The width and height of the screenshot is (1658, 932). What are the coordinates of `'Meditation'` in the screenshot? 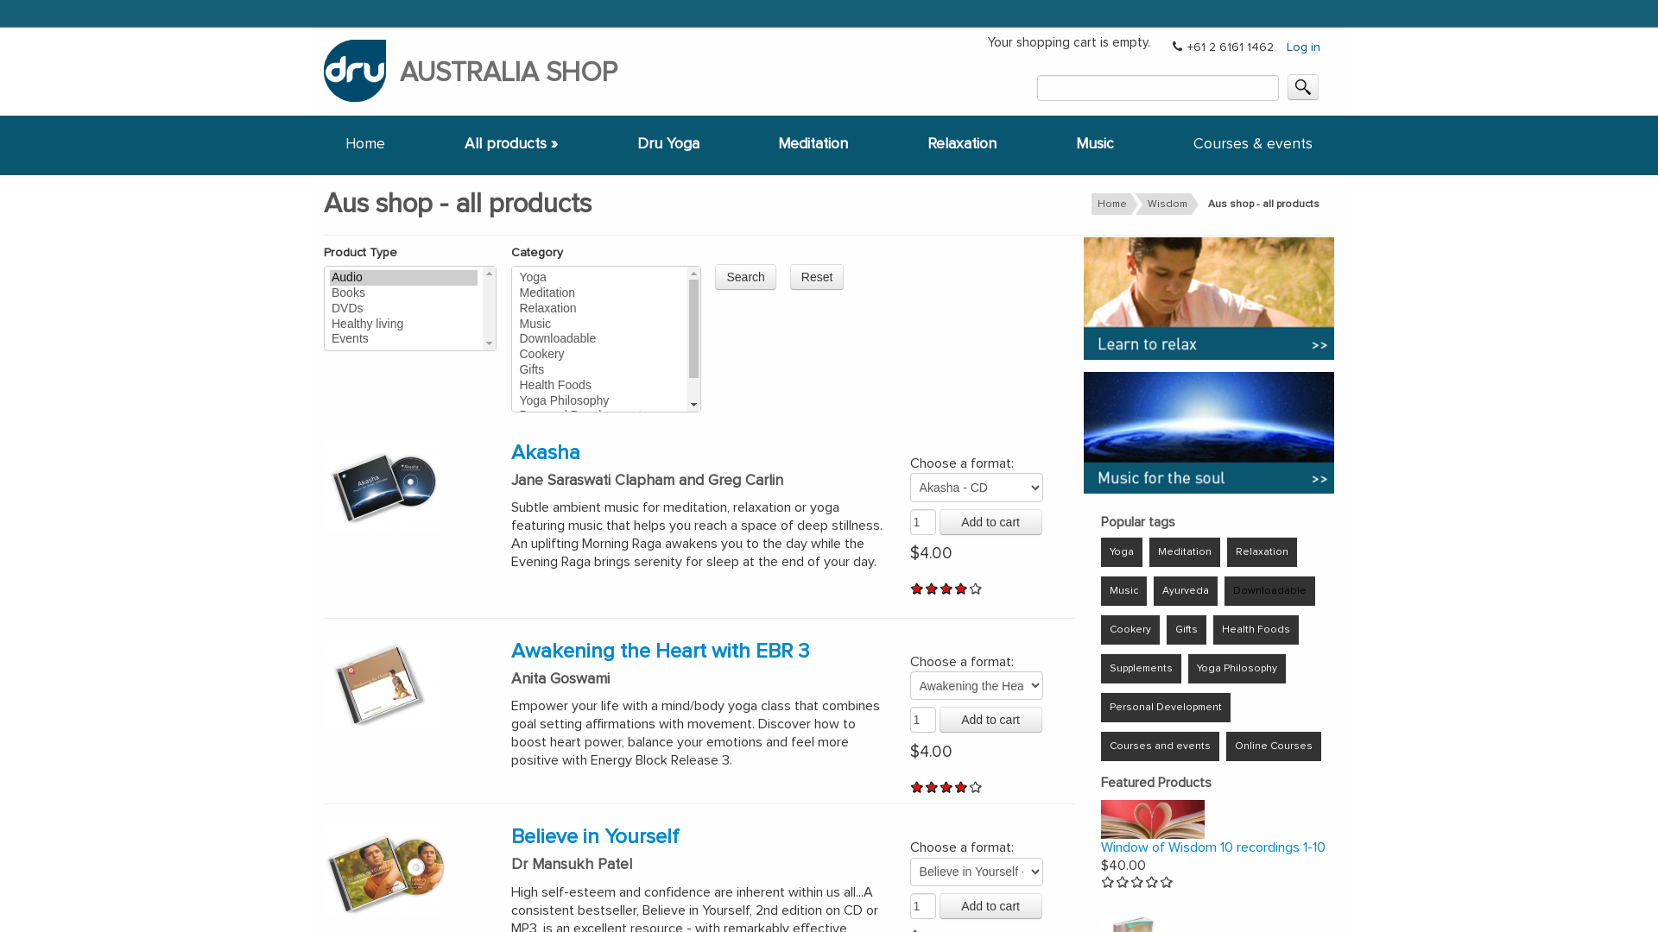 It's located at (1184, 552).